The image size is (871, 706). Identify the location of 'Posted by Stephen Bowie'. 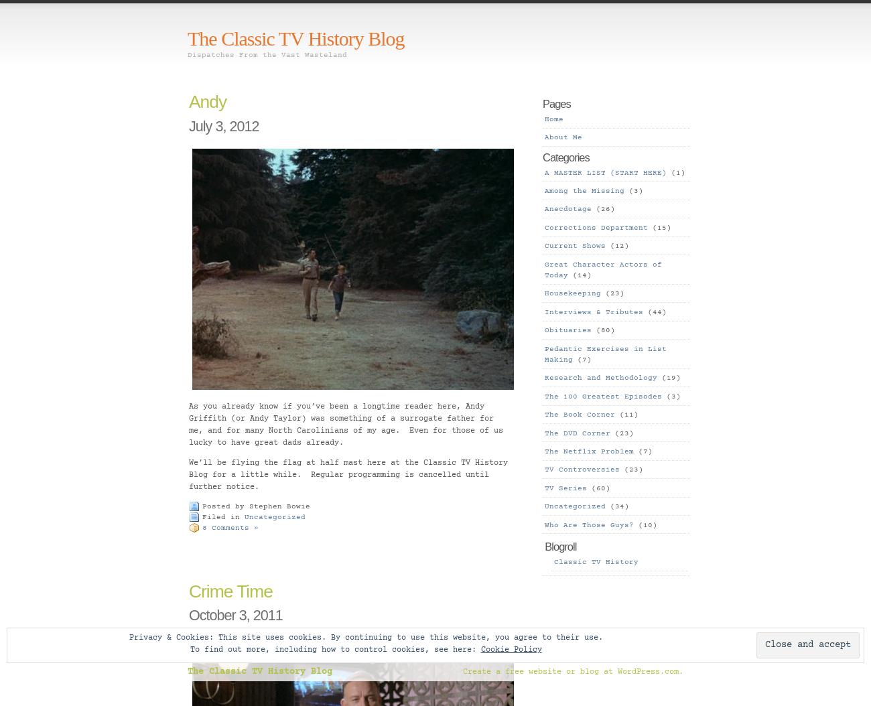
(202, 506).